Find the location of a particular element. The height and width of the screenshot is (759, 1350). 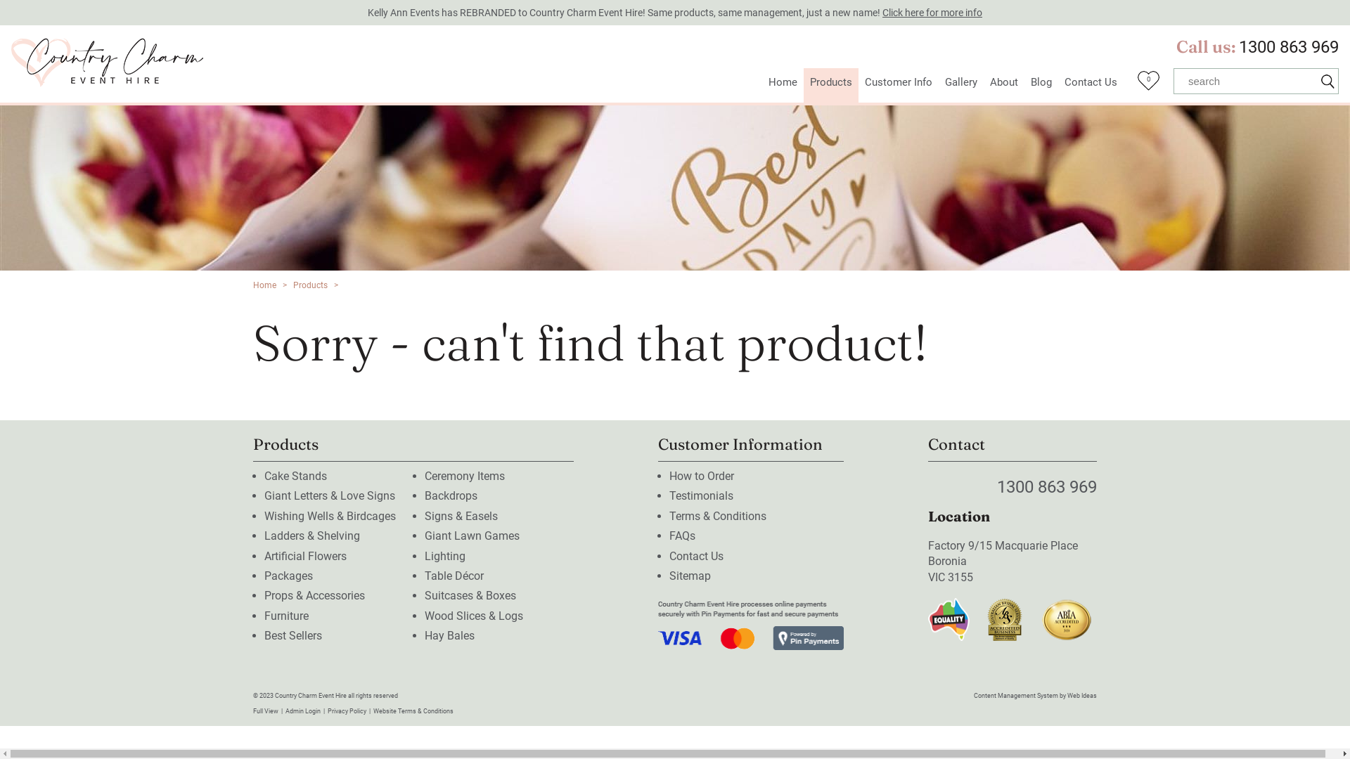

'1300 863 969' is located at coordinates (1238, 46).